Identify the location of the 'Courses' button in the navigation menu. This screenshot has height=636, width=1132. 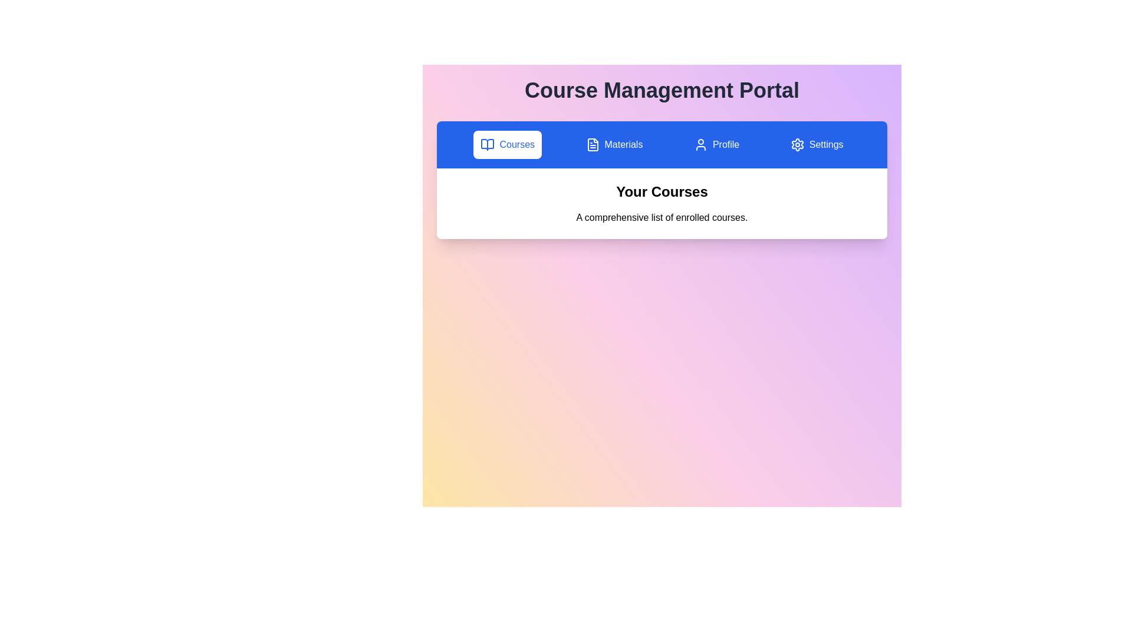
(488, 144).